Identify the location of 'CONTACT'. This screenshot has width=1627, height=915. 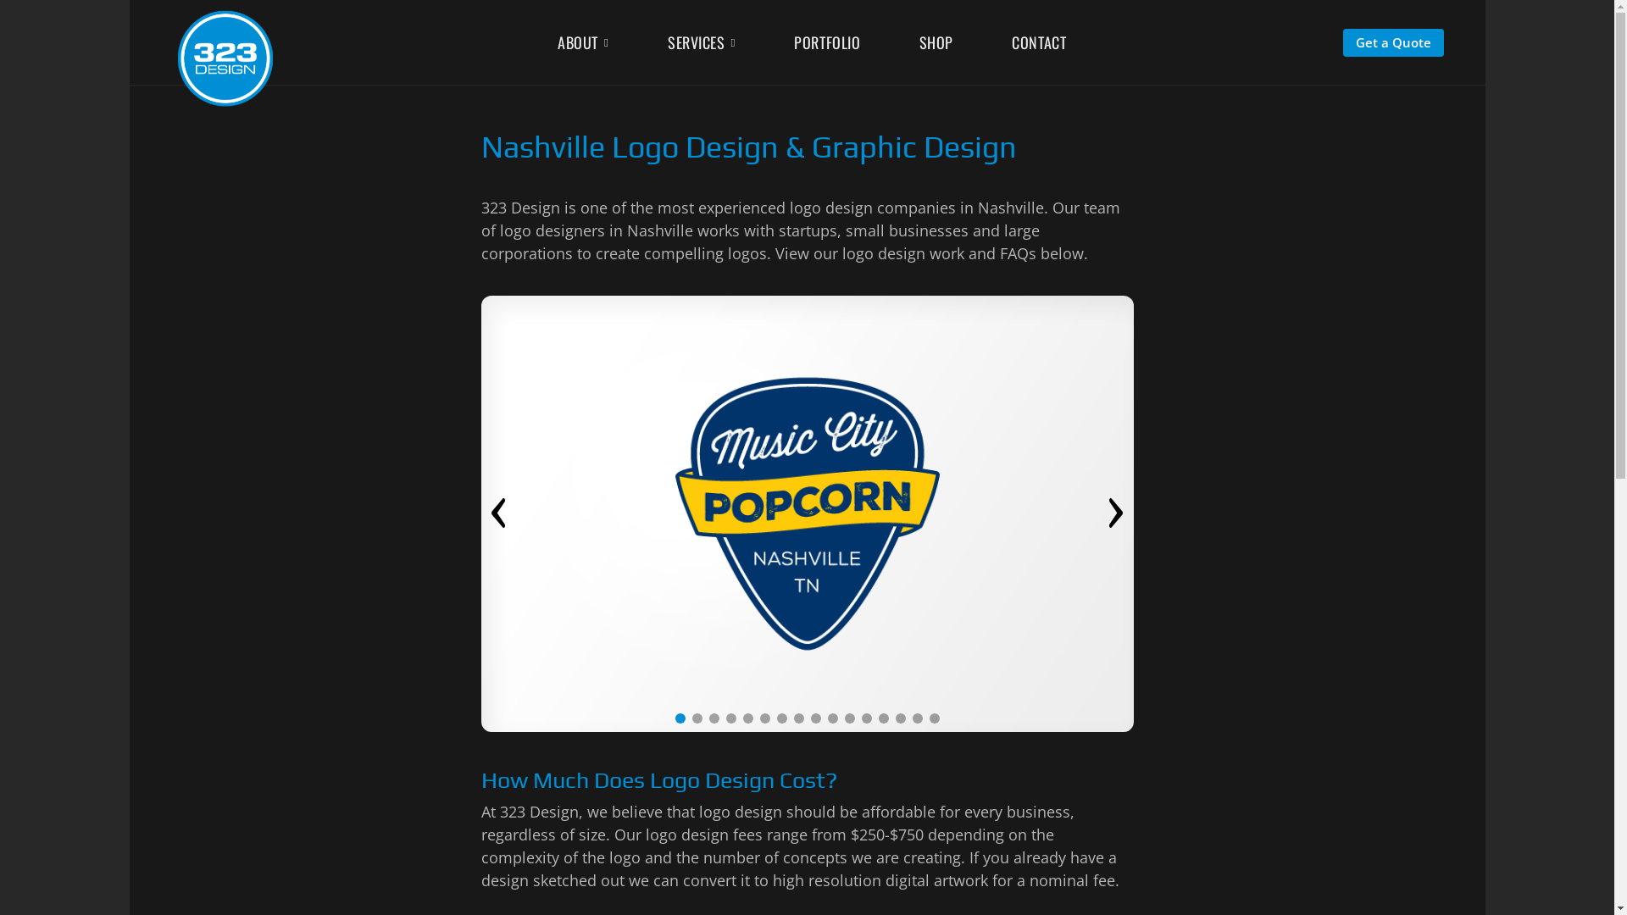
(1037, 41).